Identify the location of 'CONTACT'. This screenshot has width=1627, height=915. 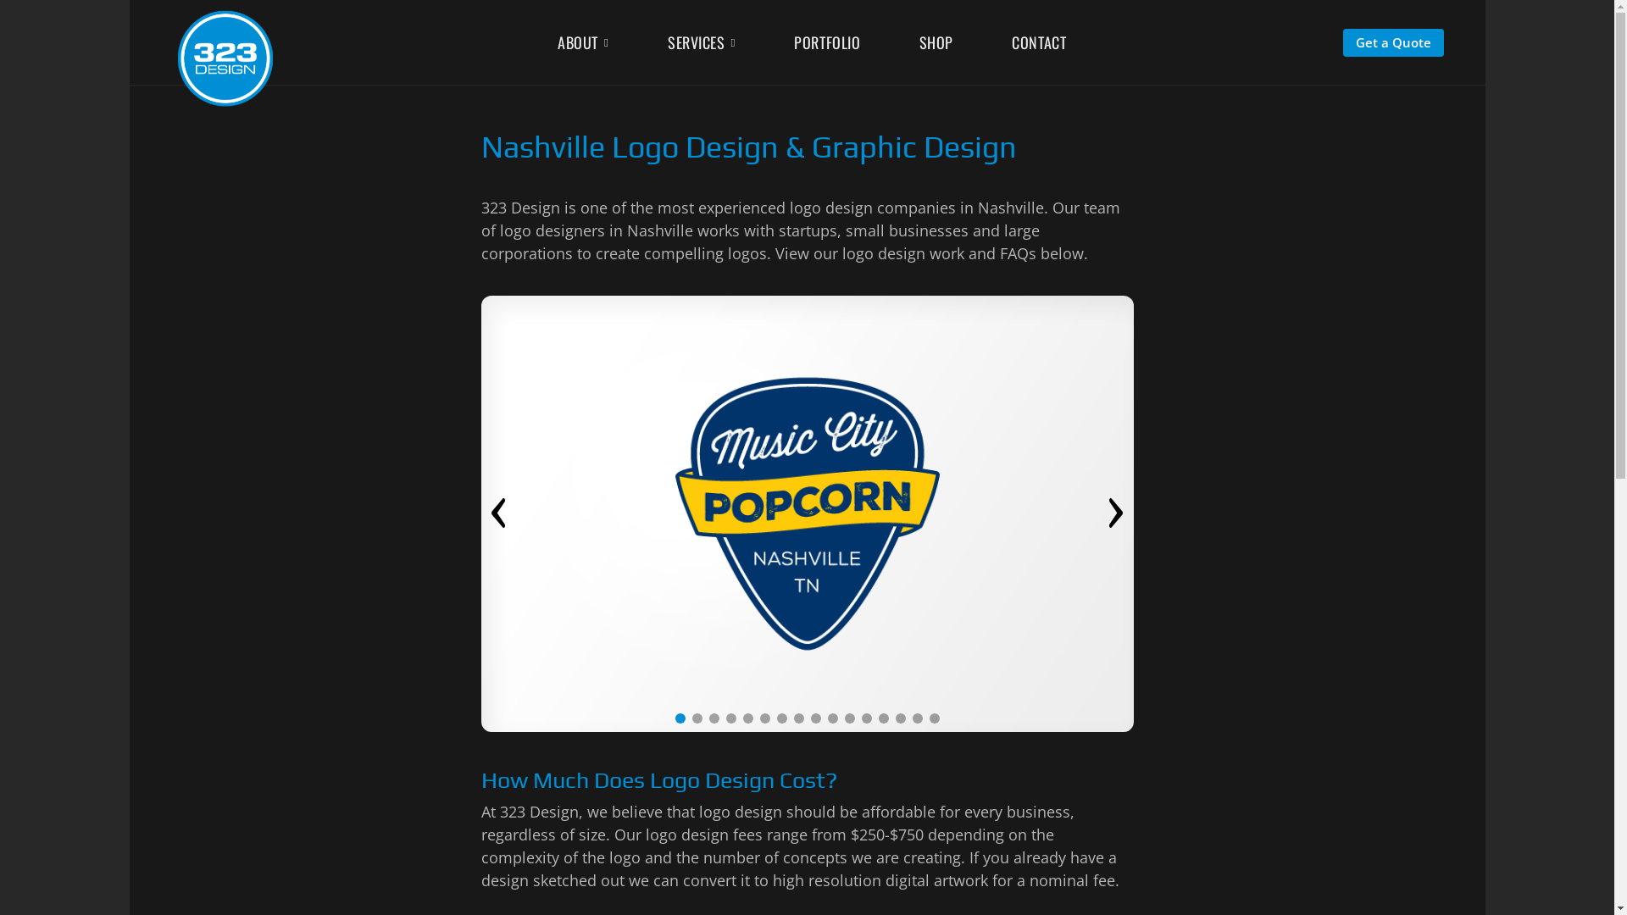
(1037, 41).